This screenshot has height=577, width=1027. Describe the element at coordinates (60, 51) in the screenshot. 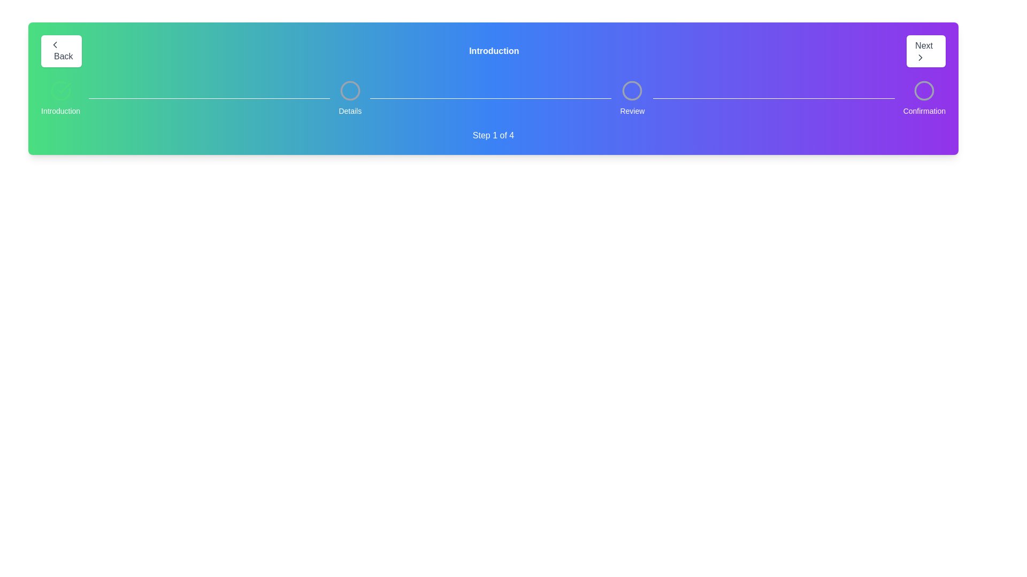

I see `the 'Back' button with a leftward chevron icon` at that location.